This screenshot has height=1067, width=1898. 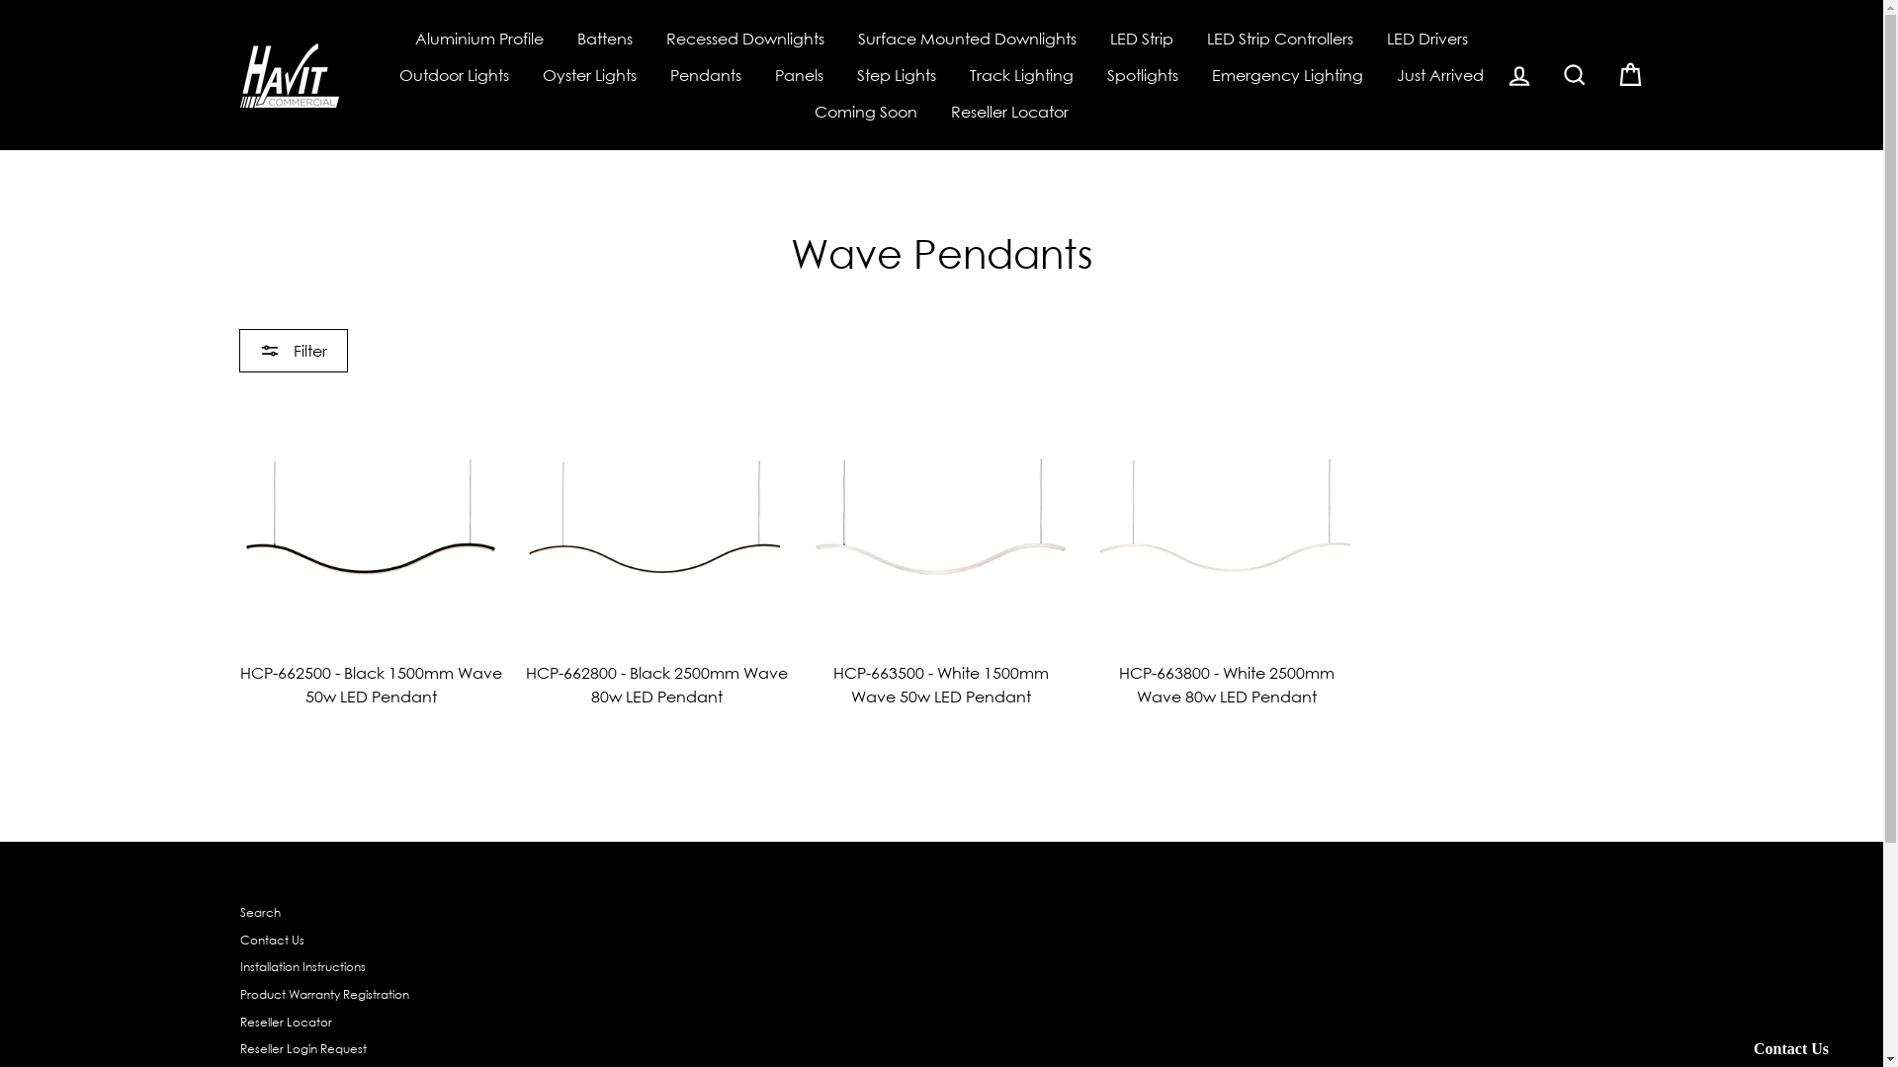 What do you see at coordinates (0, 0) in the screenshot?
I see `'Skip to content'` at bounding box center [0, 0].